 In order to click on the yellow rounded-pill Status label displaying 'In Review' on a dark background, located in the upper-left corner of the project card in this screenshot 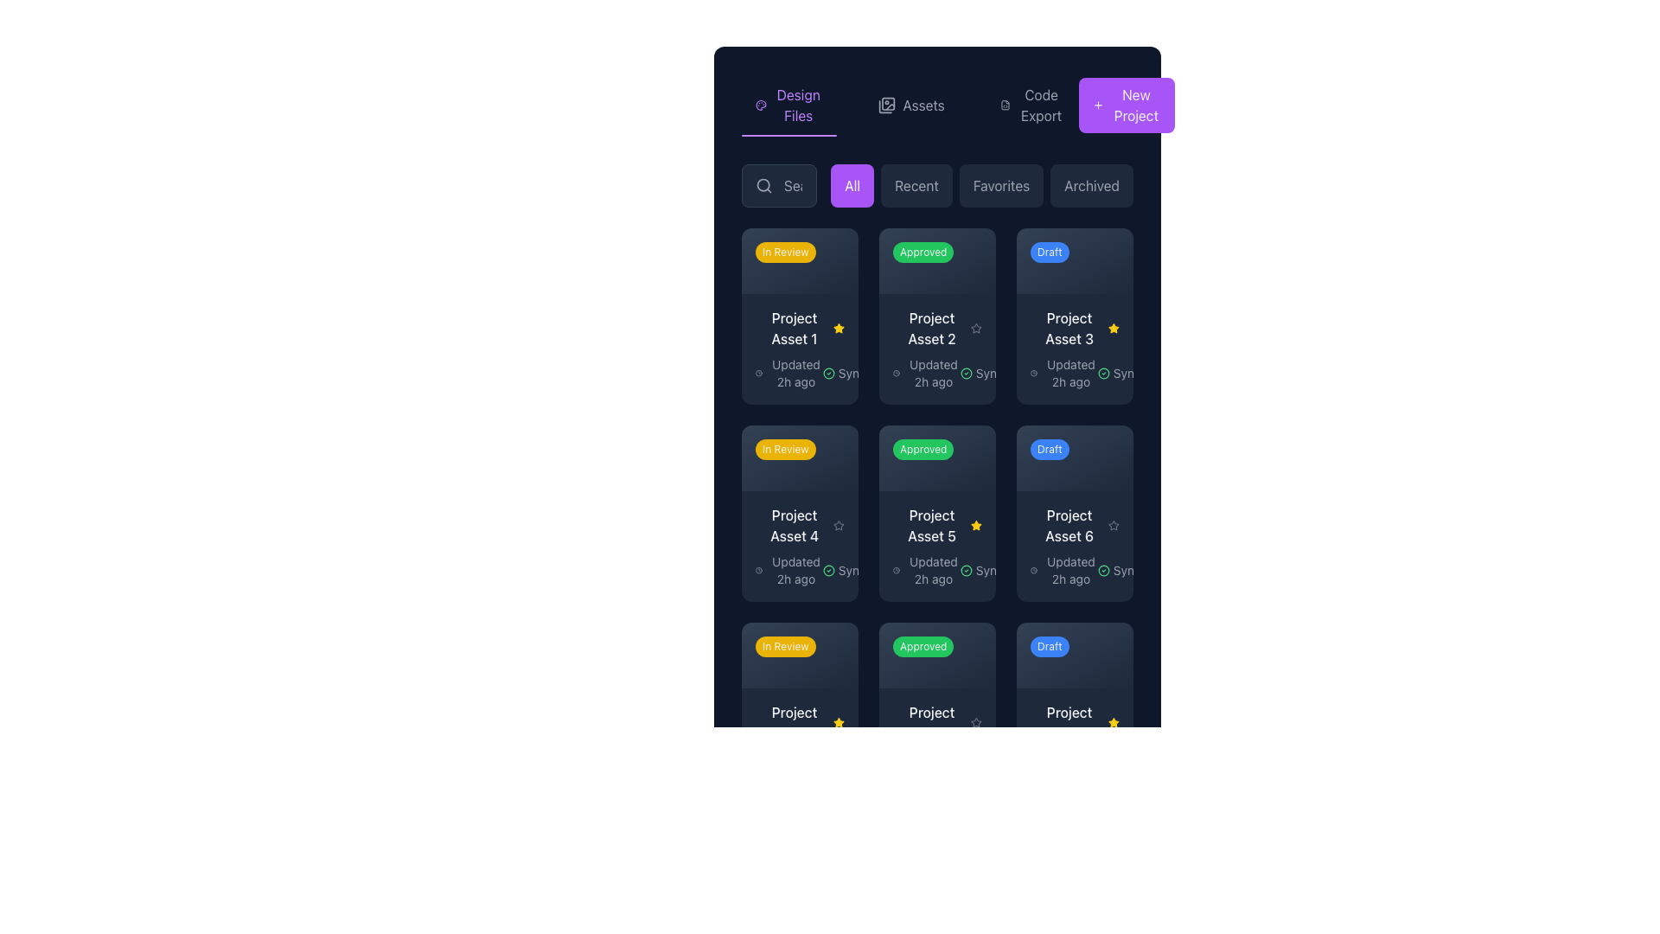, I will do `click(784, 448)`.